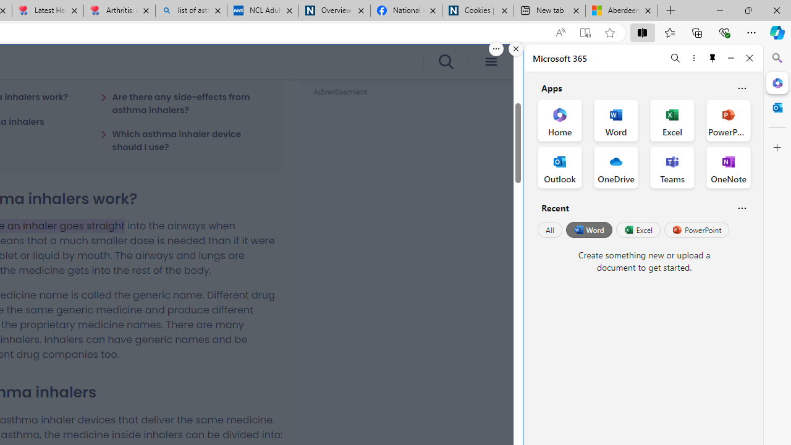  I want to click on 'Which asthma inhaler device should I use?', so click(184, 140).